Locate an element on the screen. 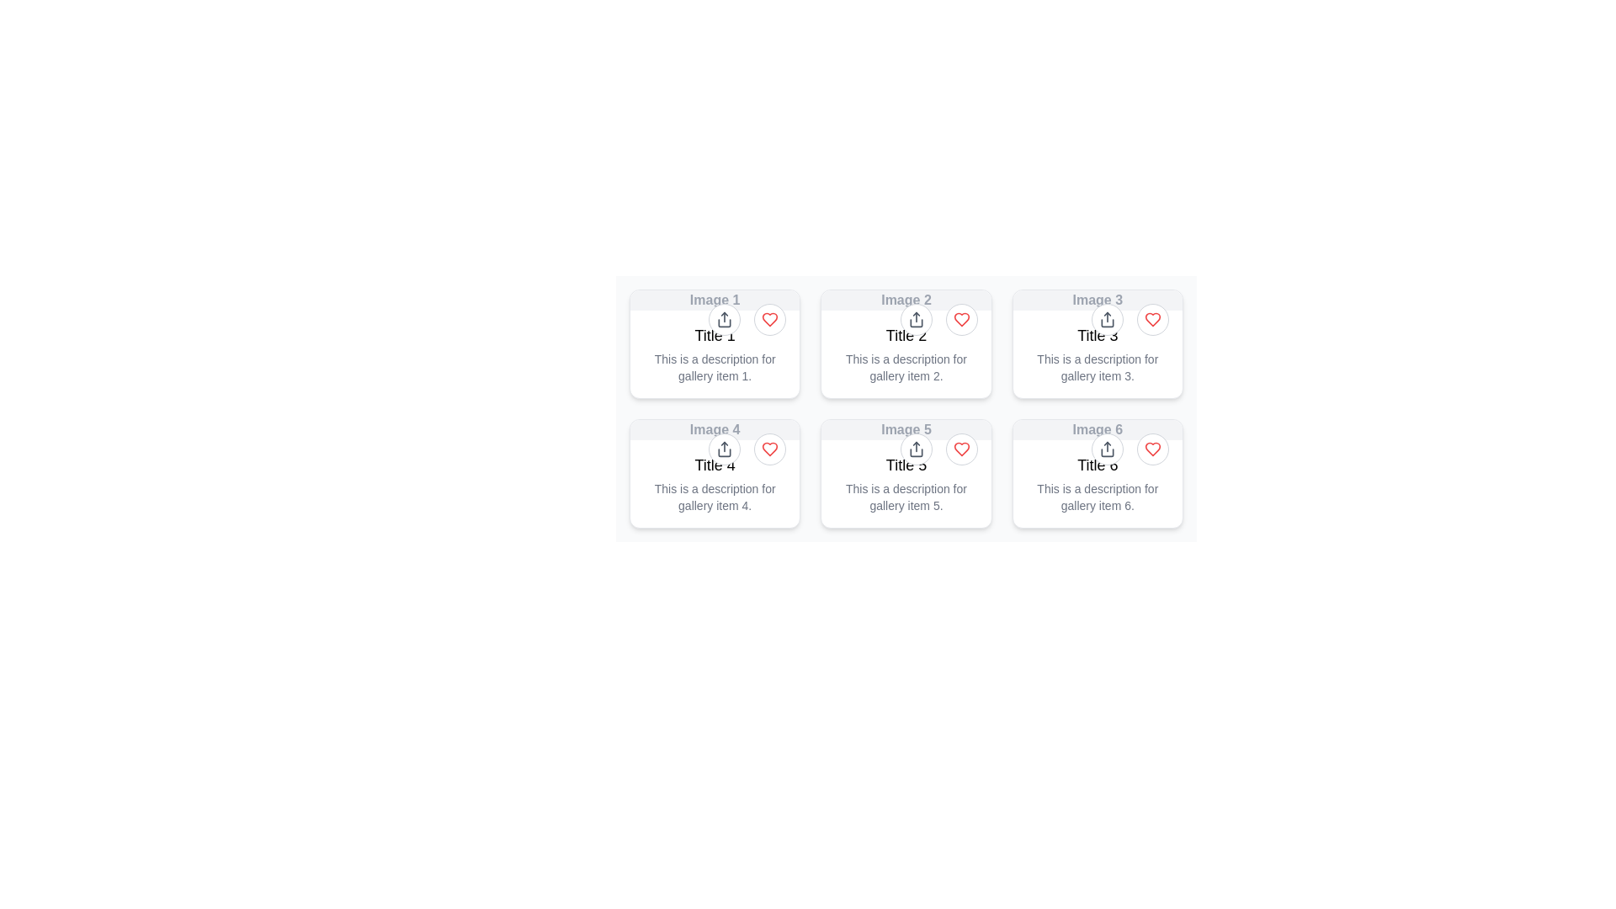  the text label that displays 'Title 6', which is located in the bottom-right card of a grid layout, above the description text is located at coordinates (1098, 465).